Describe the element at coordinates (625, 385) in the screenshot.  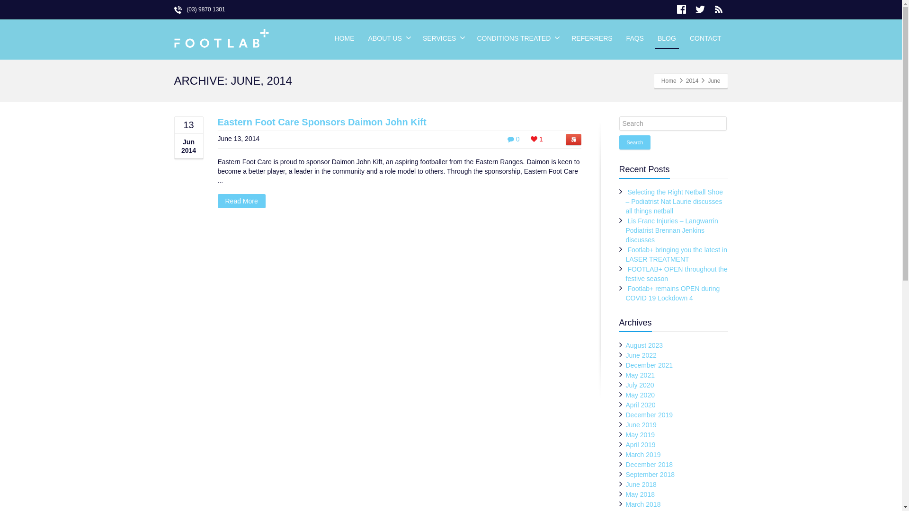
I see `'July 2020'` at that location.